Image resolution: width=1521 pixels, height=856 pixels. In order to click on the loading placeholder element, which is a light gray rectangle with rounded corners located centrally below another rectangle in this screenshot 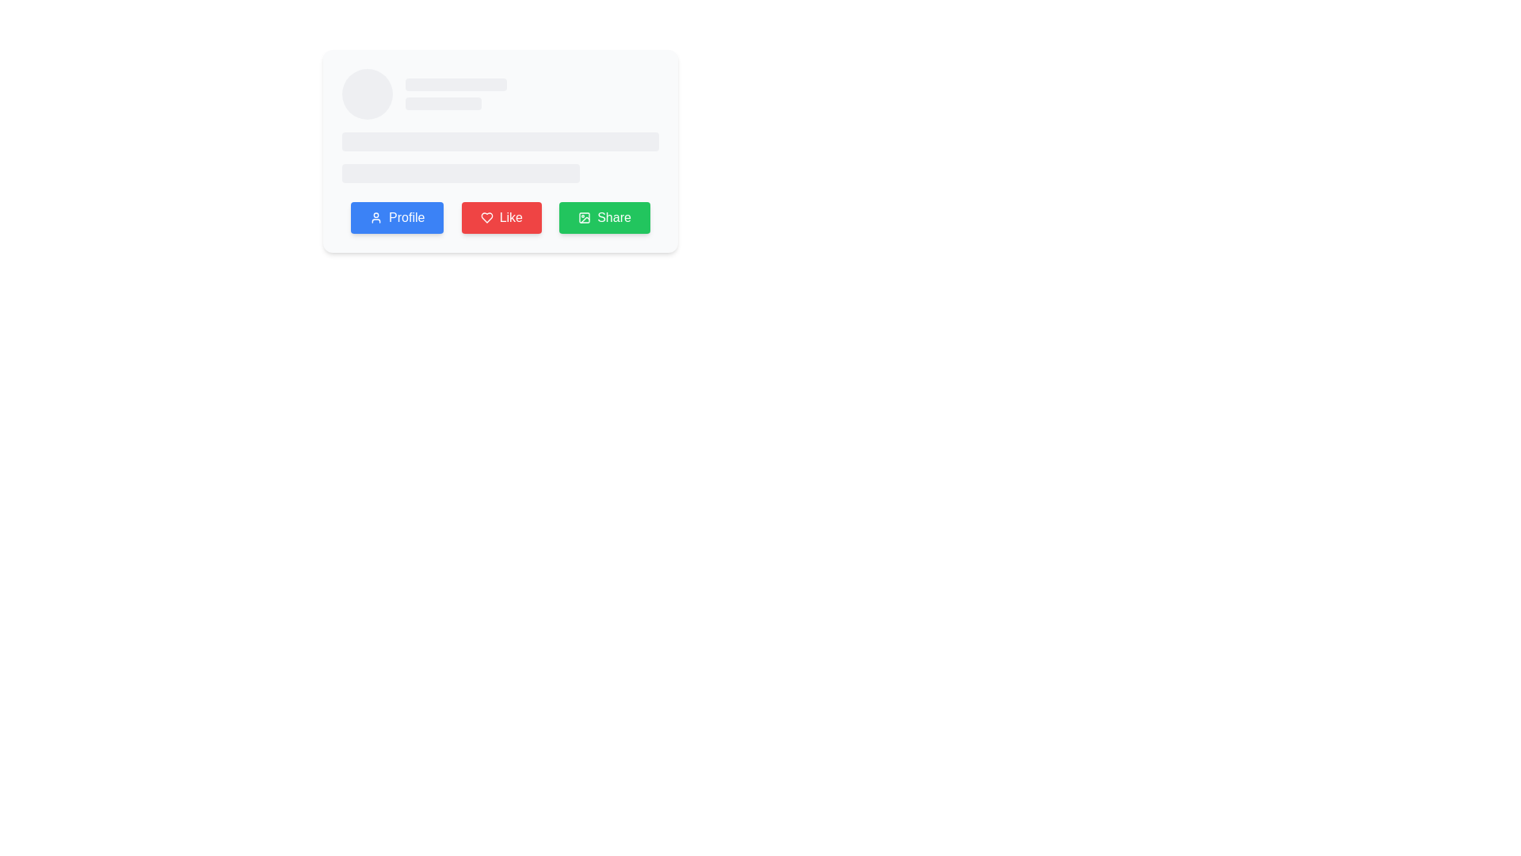, I will do `click(459, 174)`.